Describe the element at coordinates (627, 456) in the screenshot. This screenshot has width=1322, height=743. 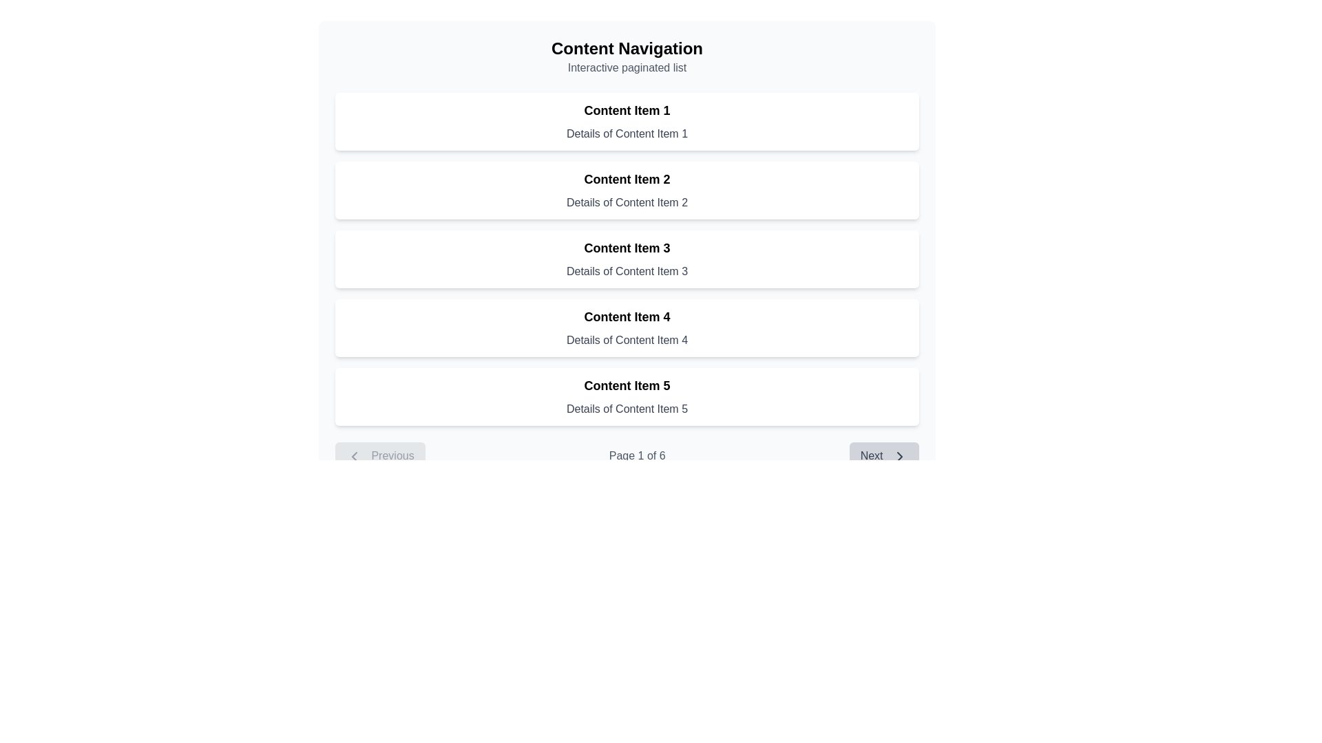
I see `the static text label that displays the current page number and total number of pages, located centrally within the pagination bar at the bottom of the interface` at that location.